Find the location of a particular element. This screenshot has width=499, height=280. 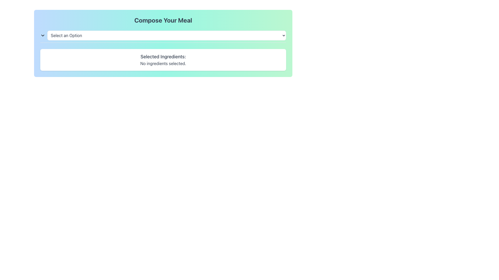

the text label that displays 'No ingredients selected.' located below the title 'Selected Ingredients:' in the white rounded box is located at coordinates (163, 63).